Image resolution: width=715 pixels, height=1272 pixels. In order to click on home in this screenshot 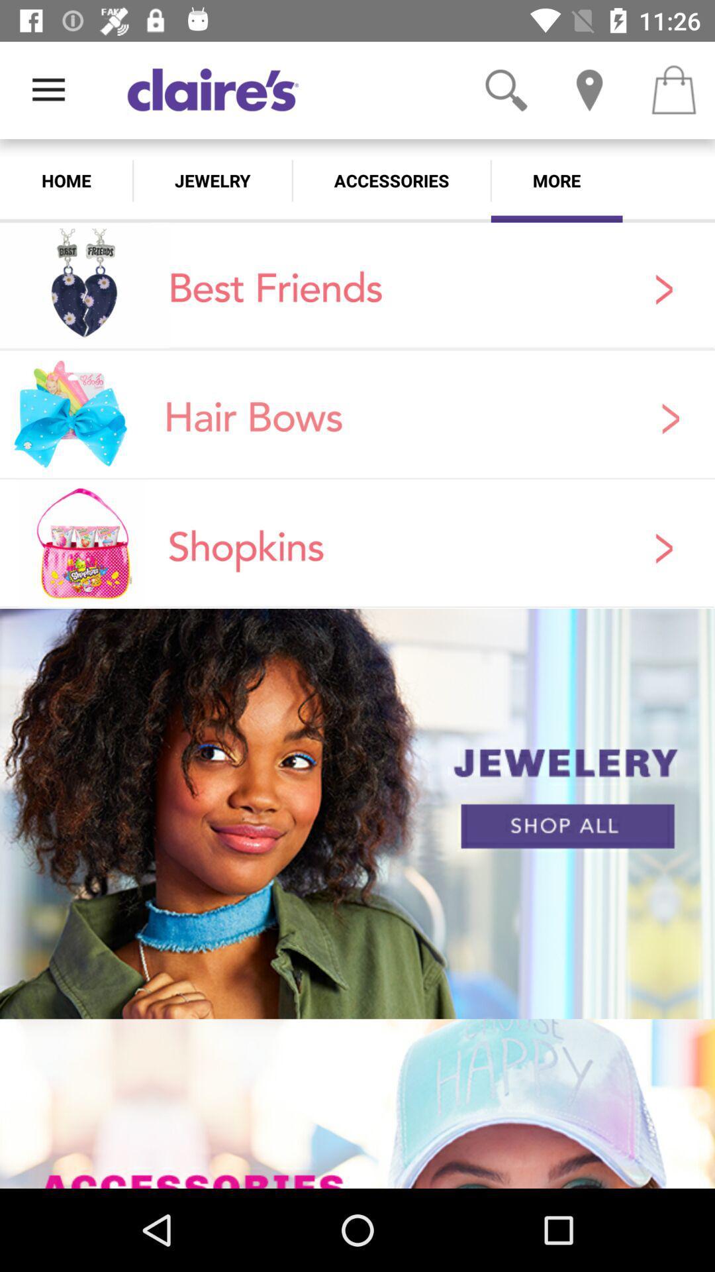, I will do `click(66, 180)`.